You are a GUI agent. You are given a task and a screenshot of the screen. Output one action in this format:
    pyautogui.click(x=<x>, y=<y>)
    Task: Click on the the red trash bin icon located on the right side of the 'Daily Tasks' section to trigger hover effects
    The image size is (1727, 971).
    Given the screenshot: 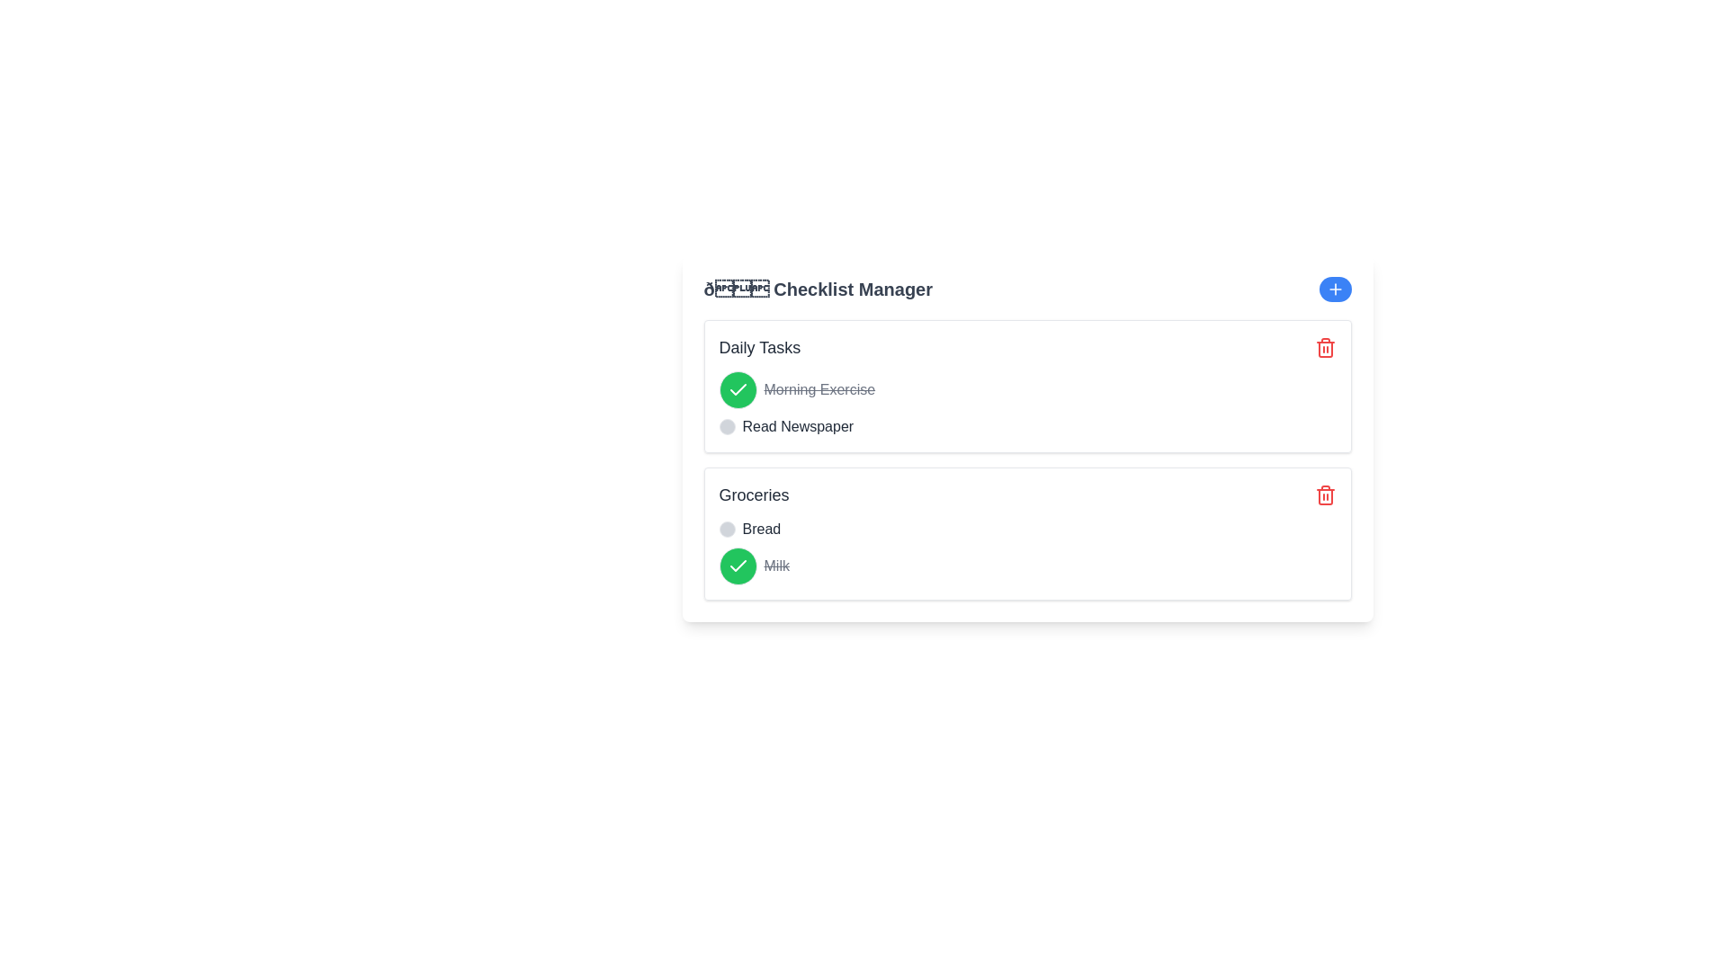 What is the action you would take?
    pyautogui.click(x=1325, y=347)
    